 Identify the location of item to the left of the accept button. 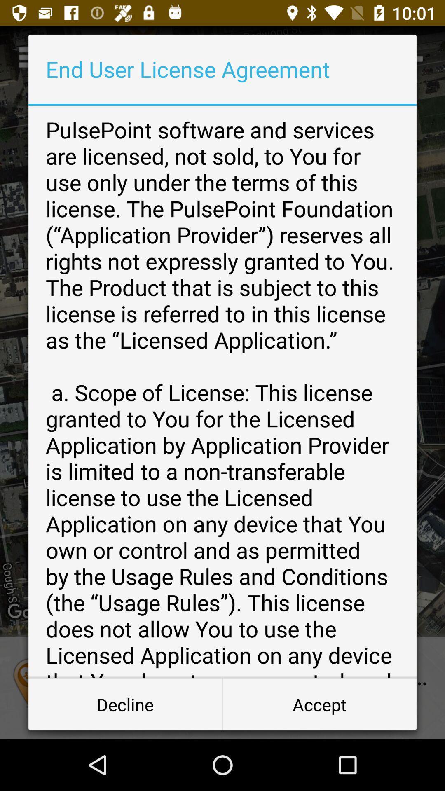
(125, 704).